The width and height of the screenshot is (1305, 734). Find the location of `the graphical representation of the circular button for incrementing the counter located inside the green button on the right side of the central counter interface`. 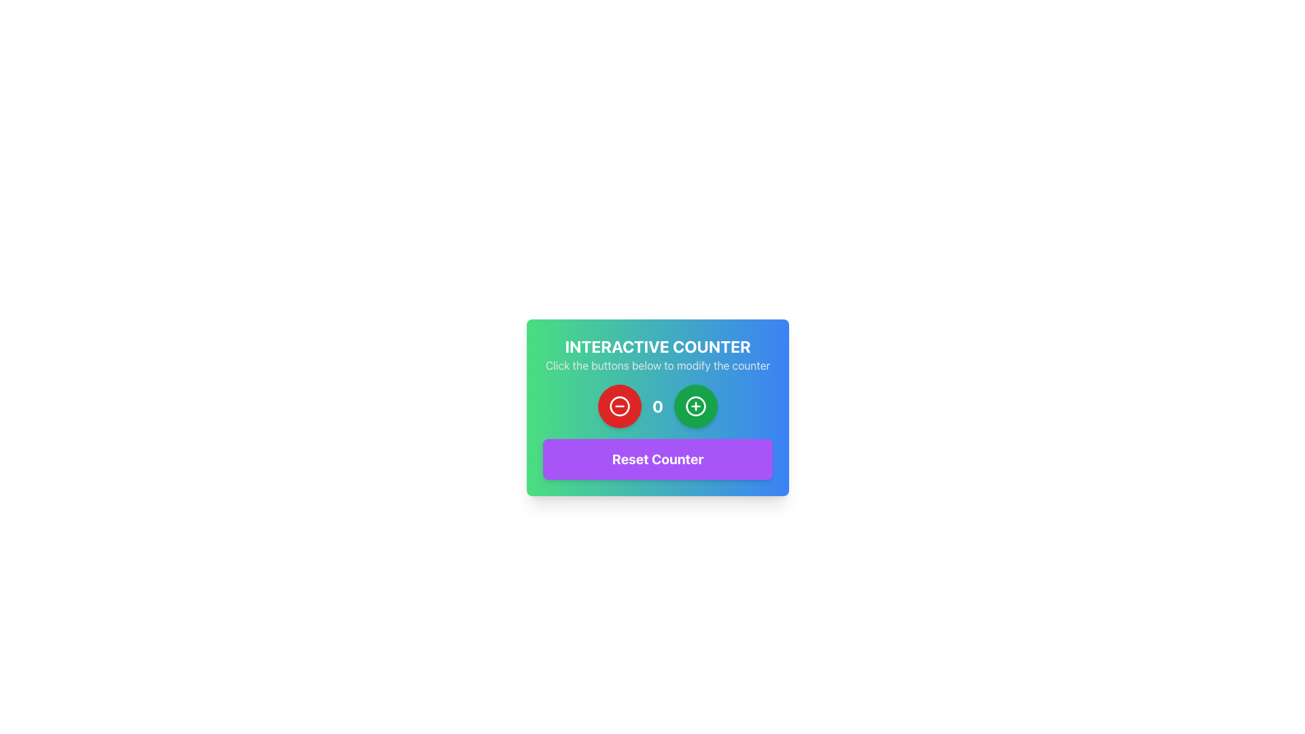

the graphical representation of the circular button for incrementing the counter located inside the green button on the right side of the central counter interface is located at coordinates (695, 405).